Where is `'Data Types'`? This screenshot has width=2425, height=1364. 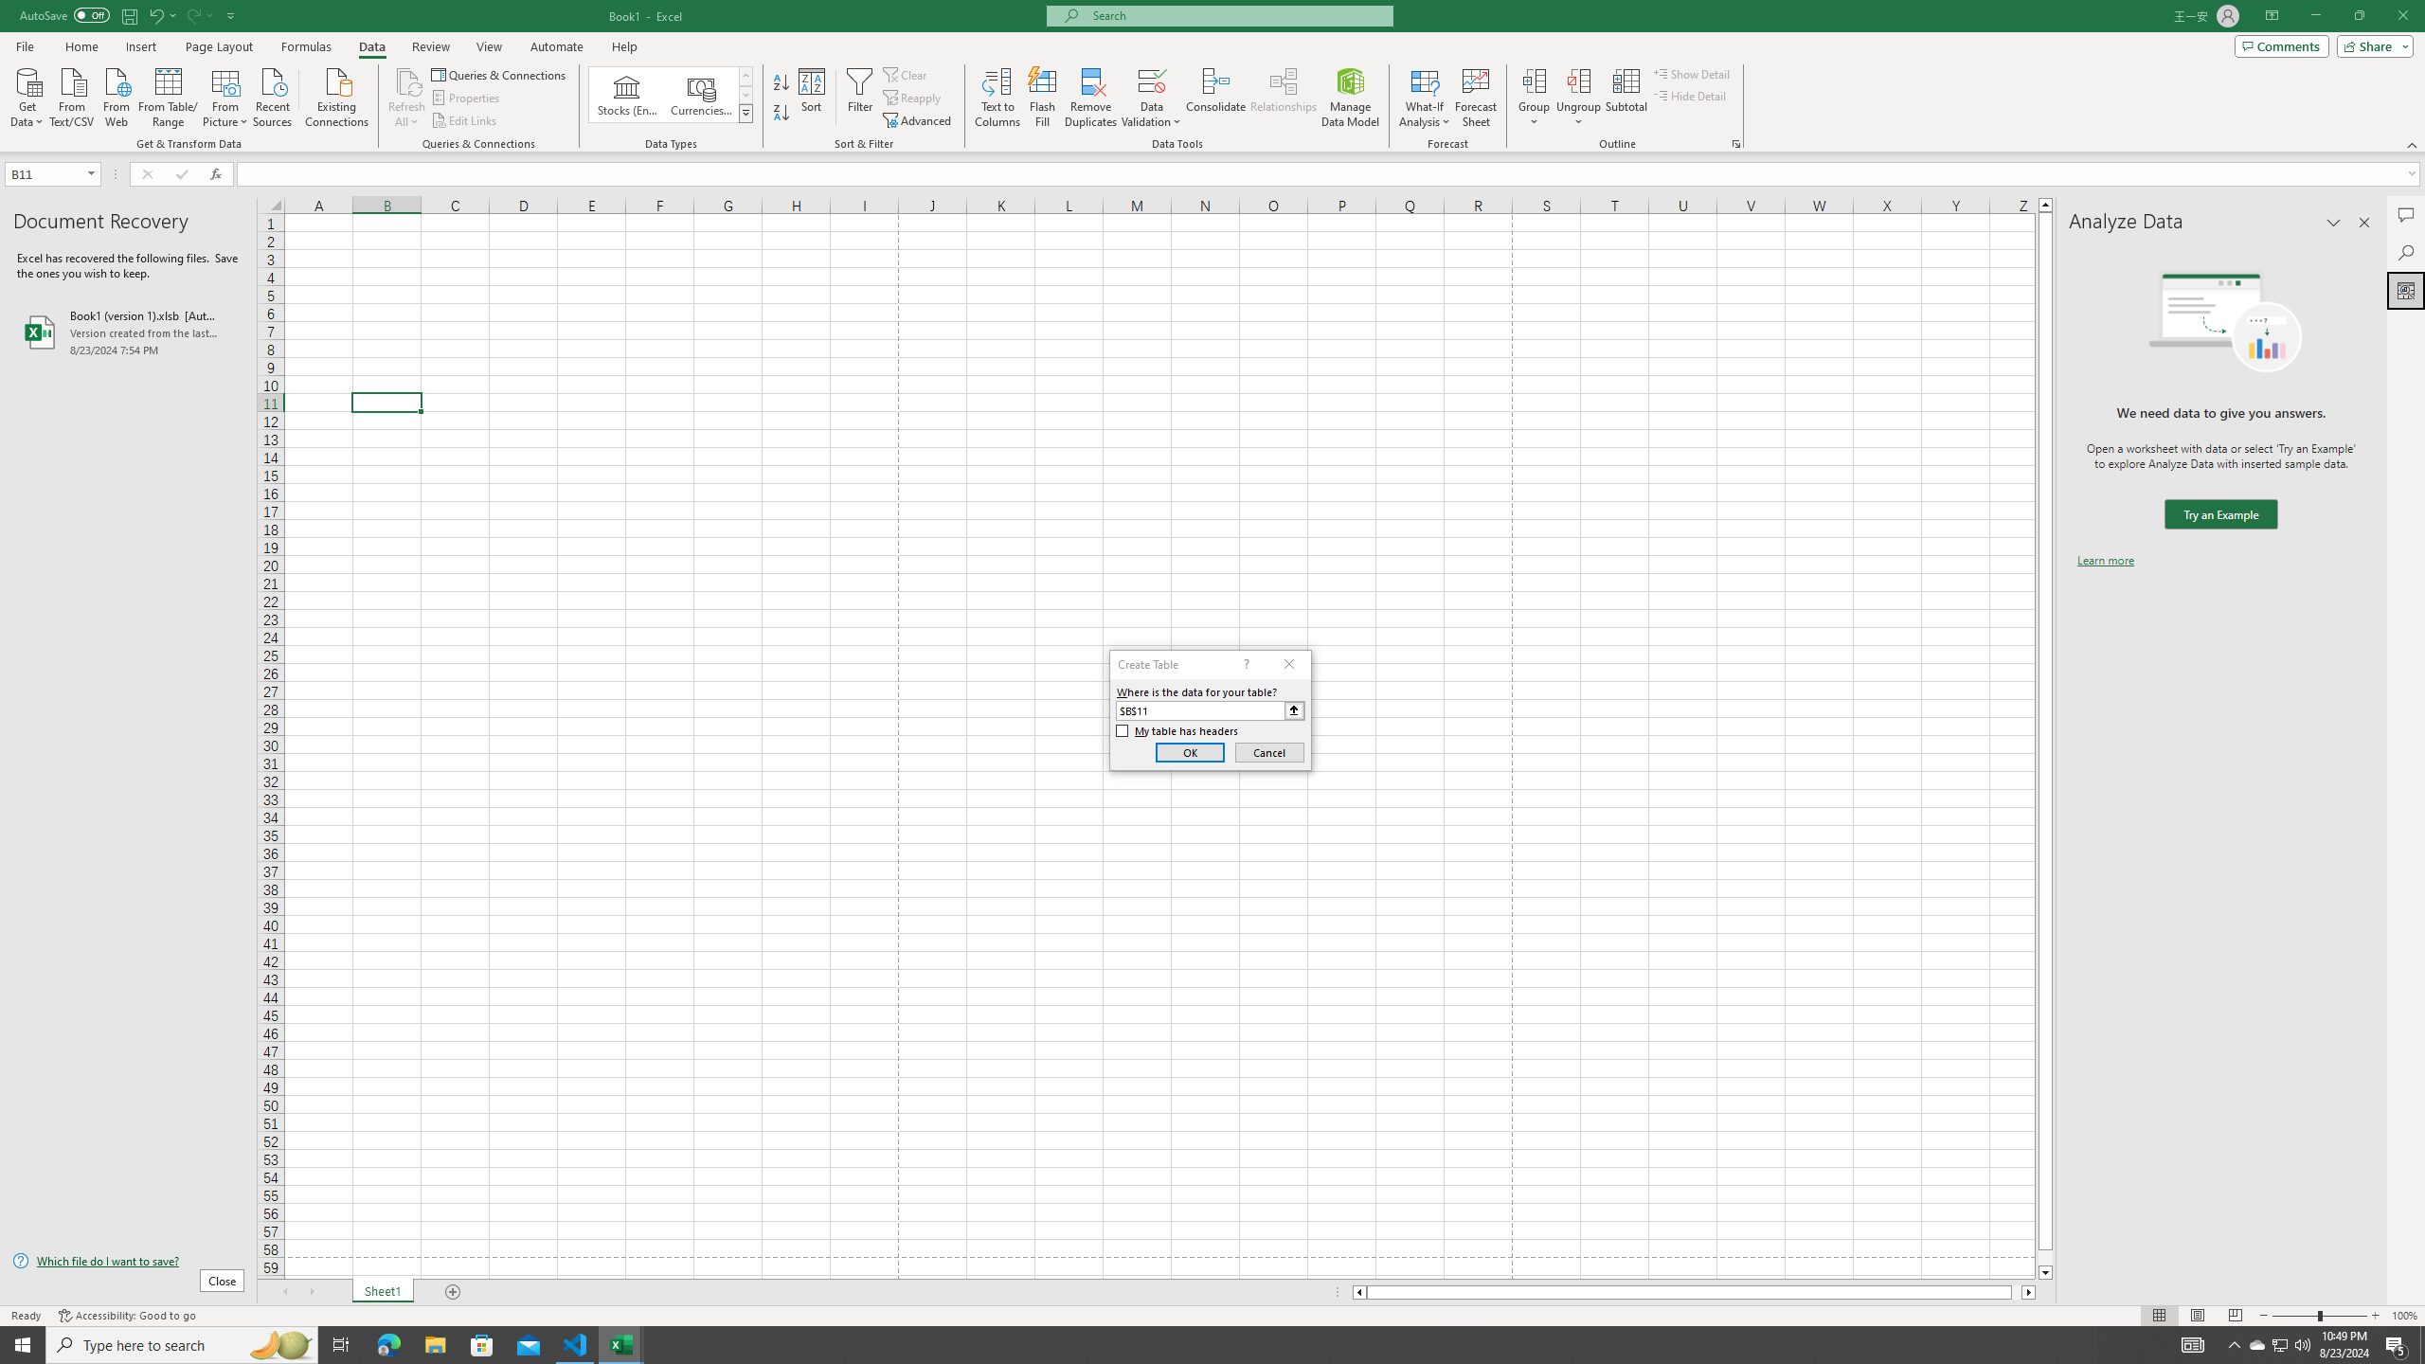
'Data Types' is located at coordinates (745, 112).